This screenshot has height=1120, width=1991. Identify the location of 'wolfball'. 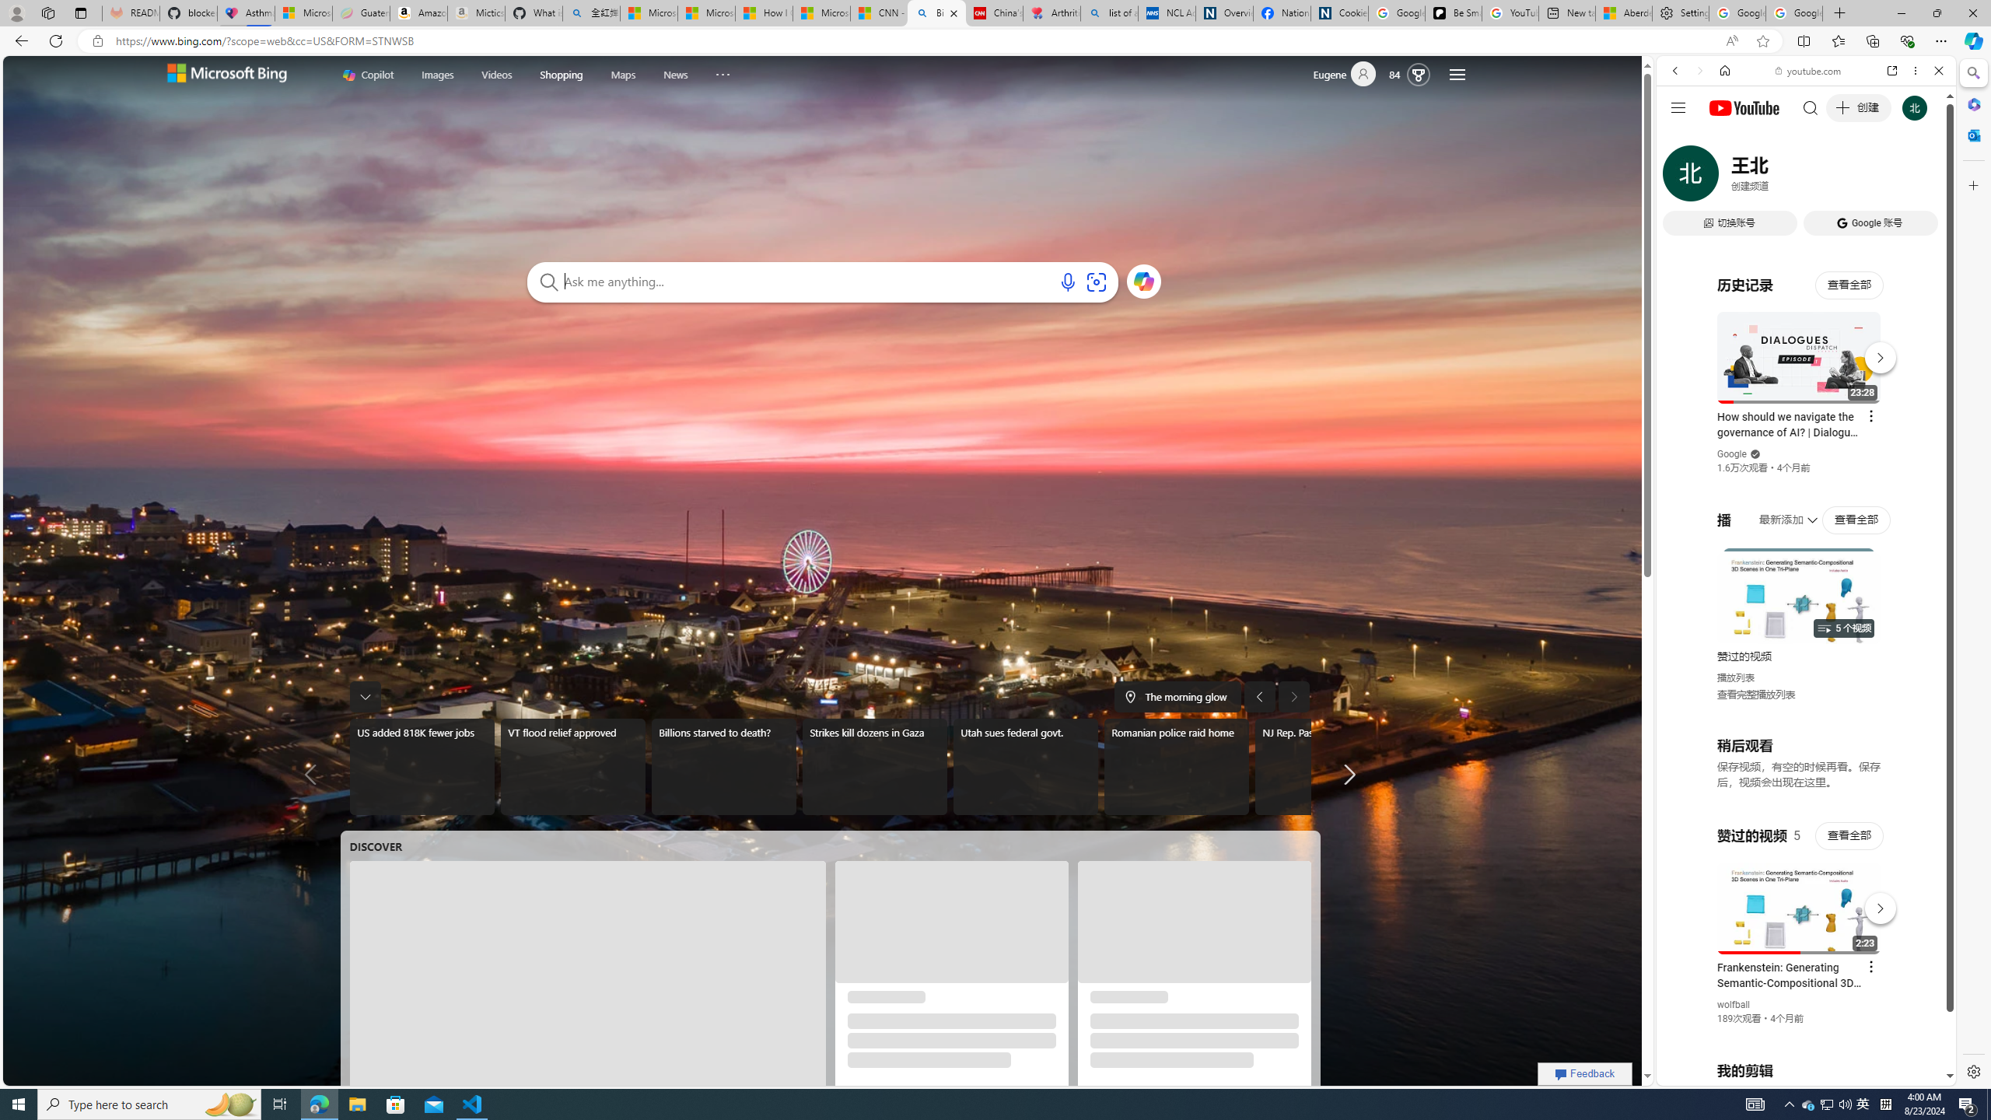
(1734, 1003).